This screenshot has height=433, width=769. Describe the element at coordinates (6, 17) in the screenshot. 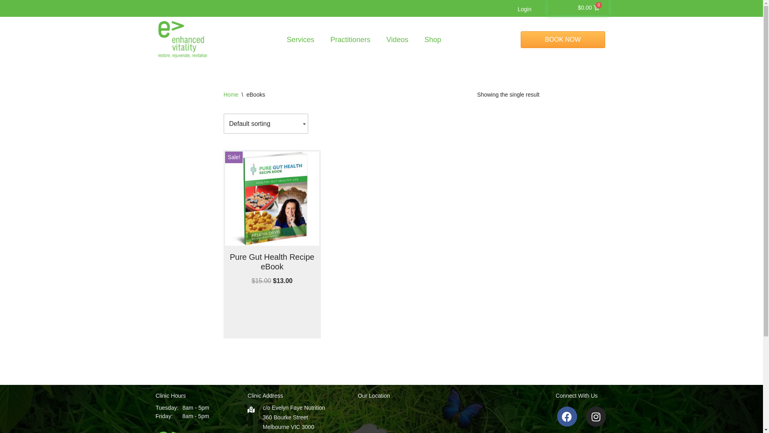

I see `'Skip to content'` at that location.